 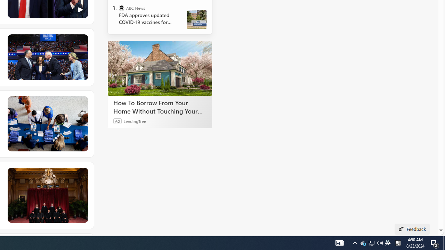 I want to click on 'Feedback', so click(x=412, y=229).